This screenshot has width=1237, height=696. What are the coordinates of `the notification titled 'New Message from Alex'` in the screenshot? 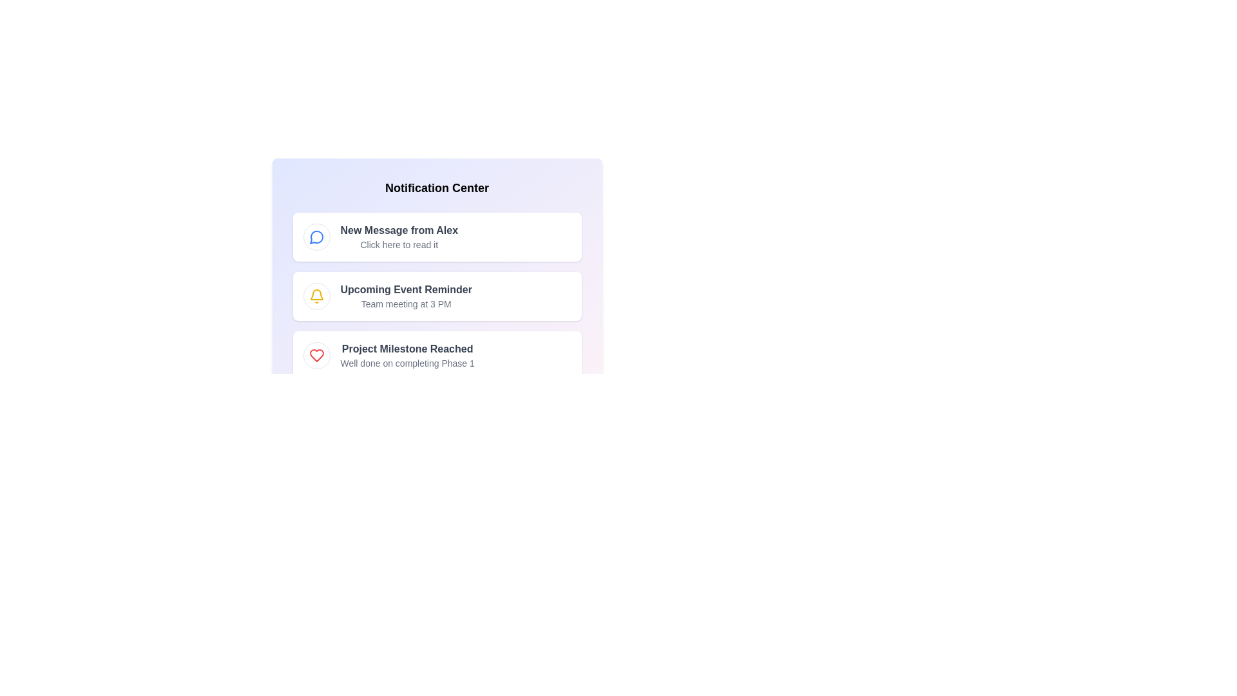 It's located at (437, 237).